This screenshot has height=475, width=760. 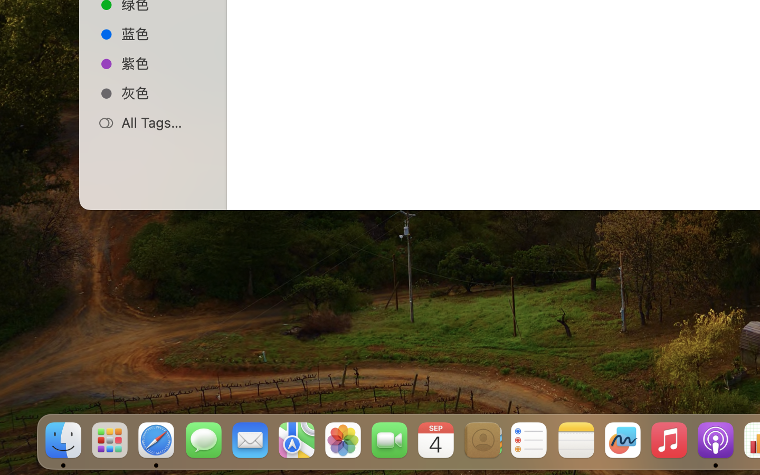 What do you see at coordinates (164, 122) in the screenshot?
I see `'All Tags…'` at bounding box center [164, 122].